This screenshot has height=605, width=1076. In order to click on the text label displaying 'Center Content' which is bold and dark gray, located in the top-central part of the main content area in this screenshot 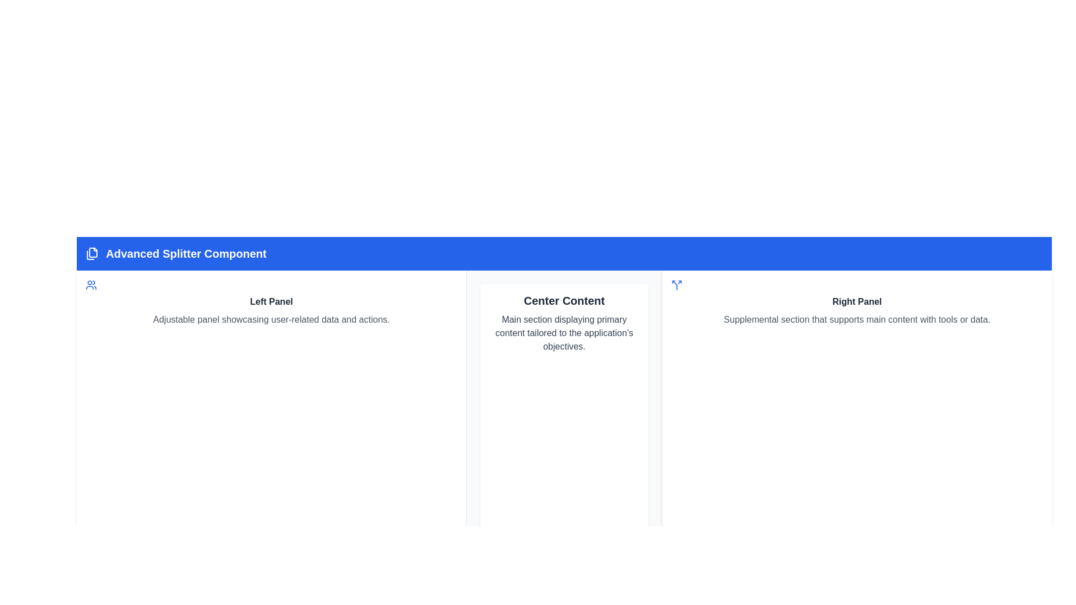, I will do `click(564, 300)`.